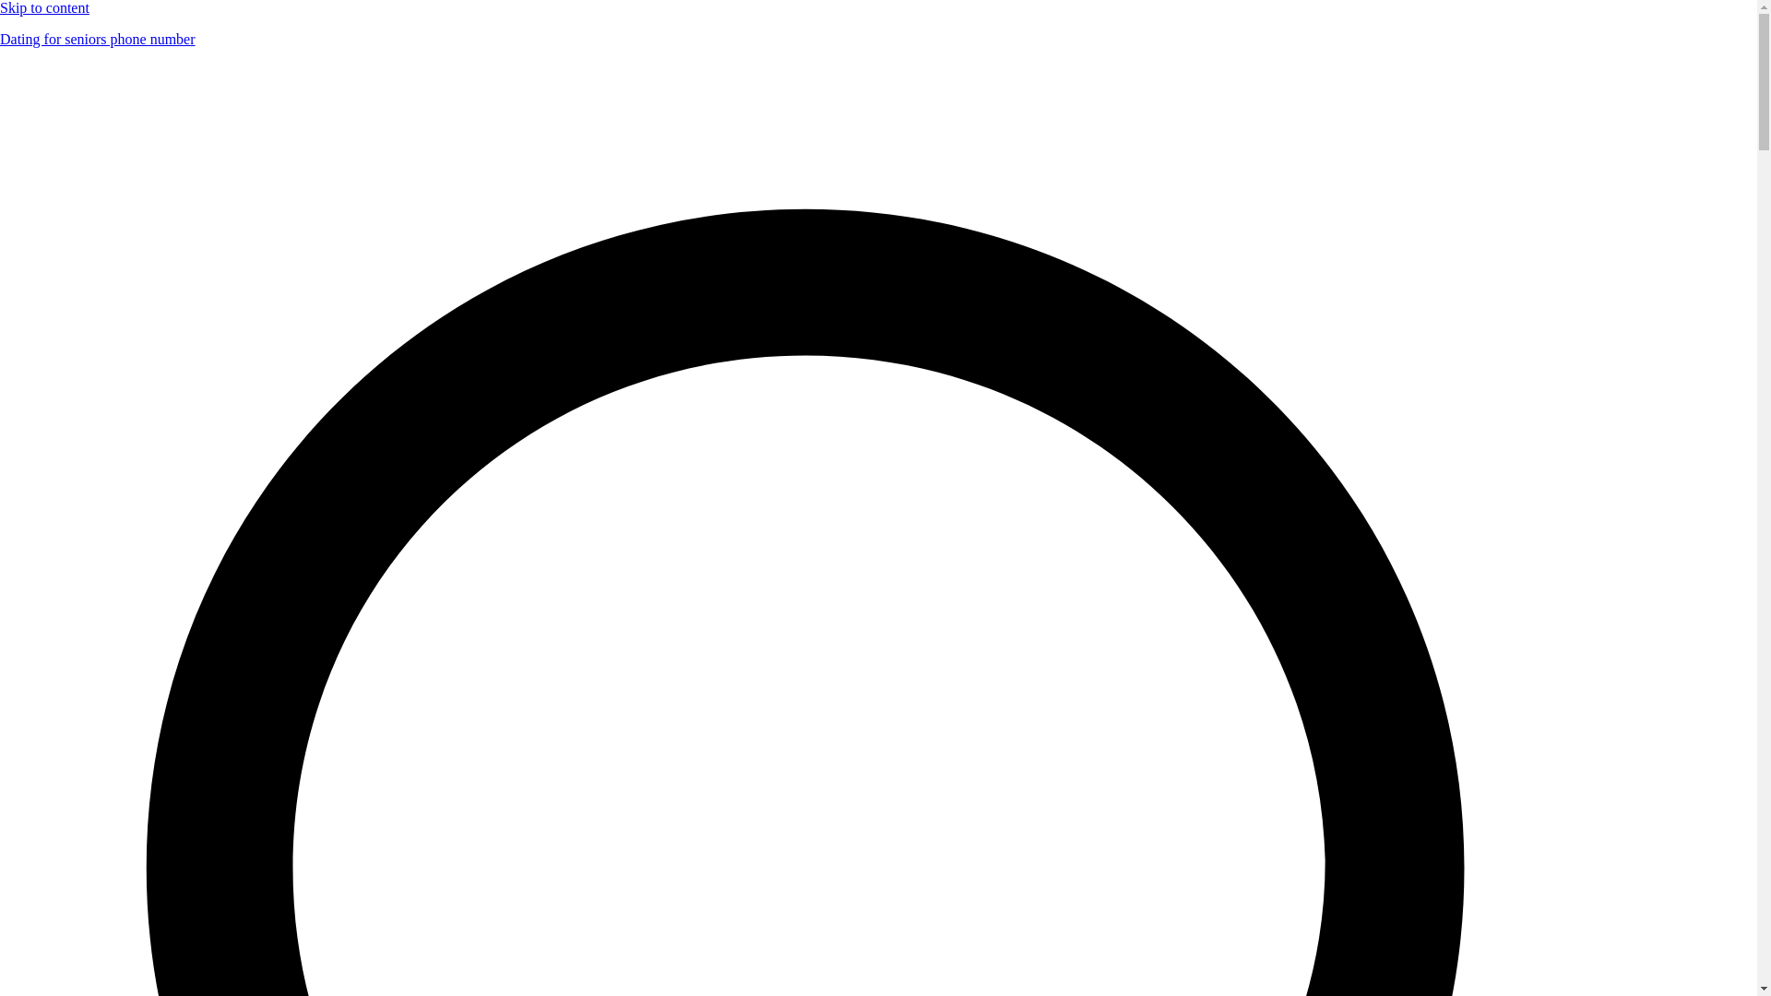  I want to click on 'Skip to content', so click(44, 7).